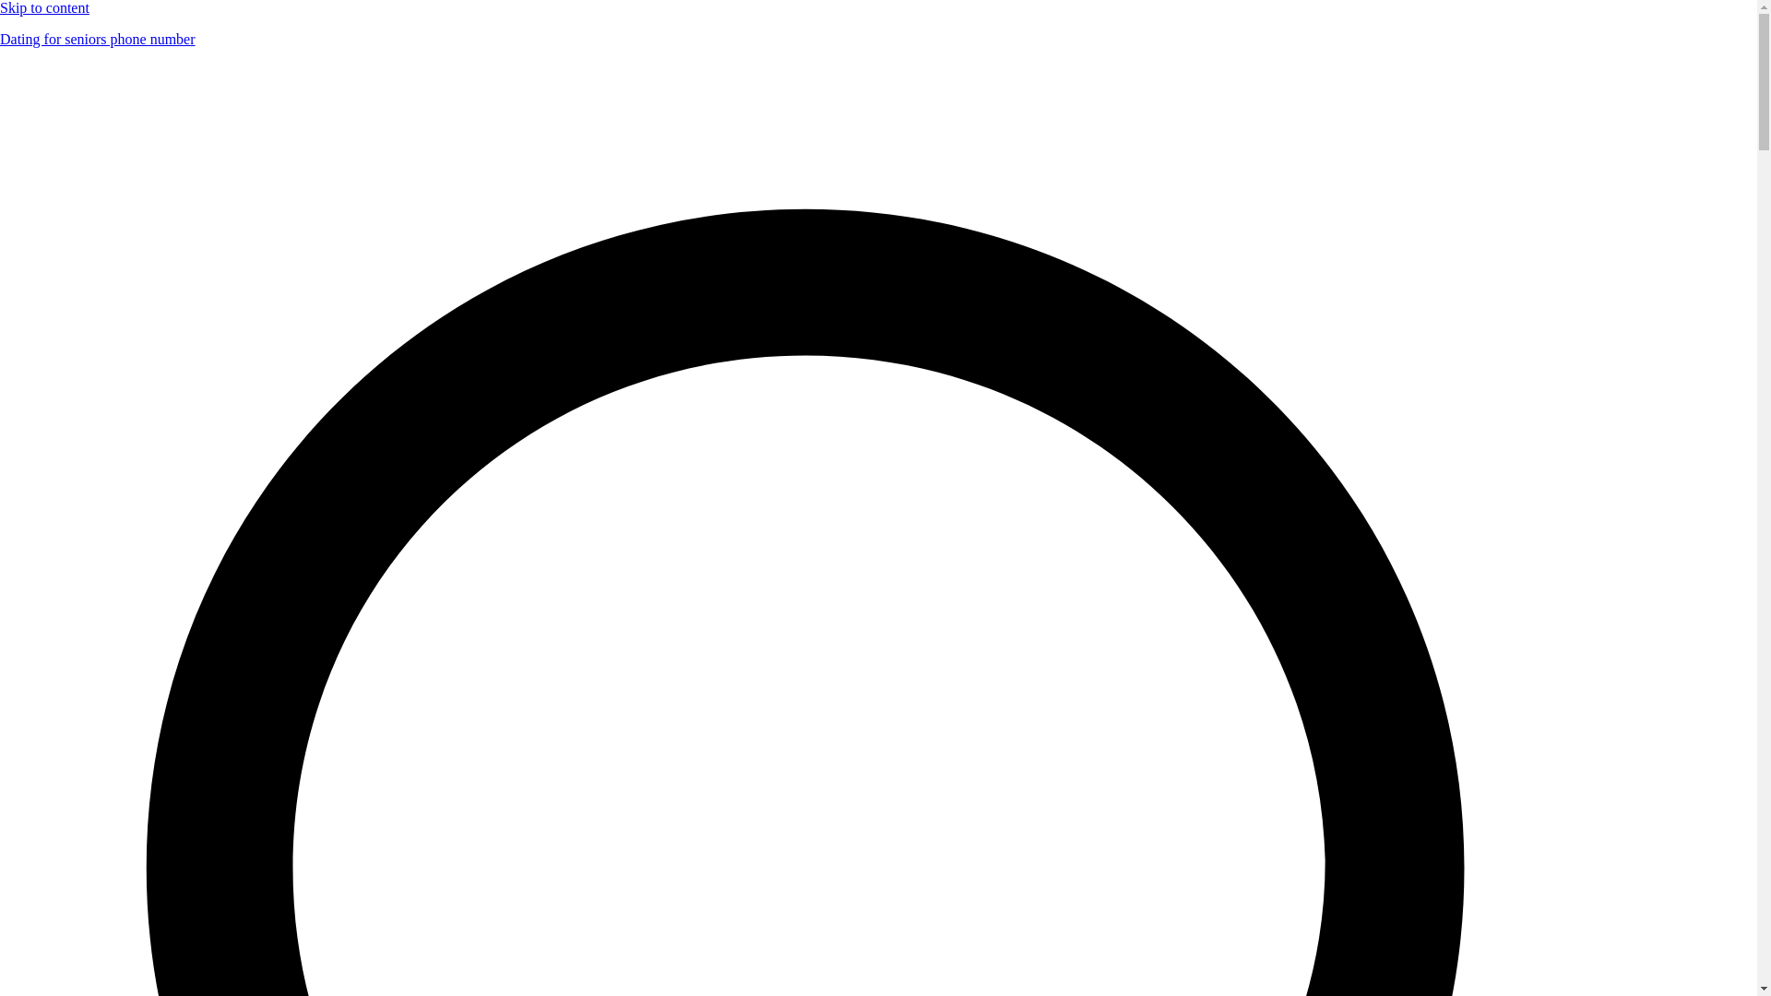  I want to click on 'Skip to content', so click(44, 7).